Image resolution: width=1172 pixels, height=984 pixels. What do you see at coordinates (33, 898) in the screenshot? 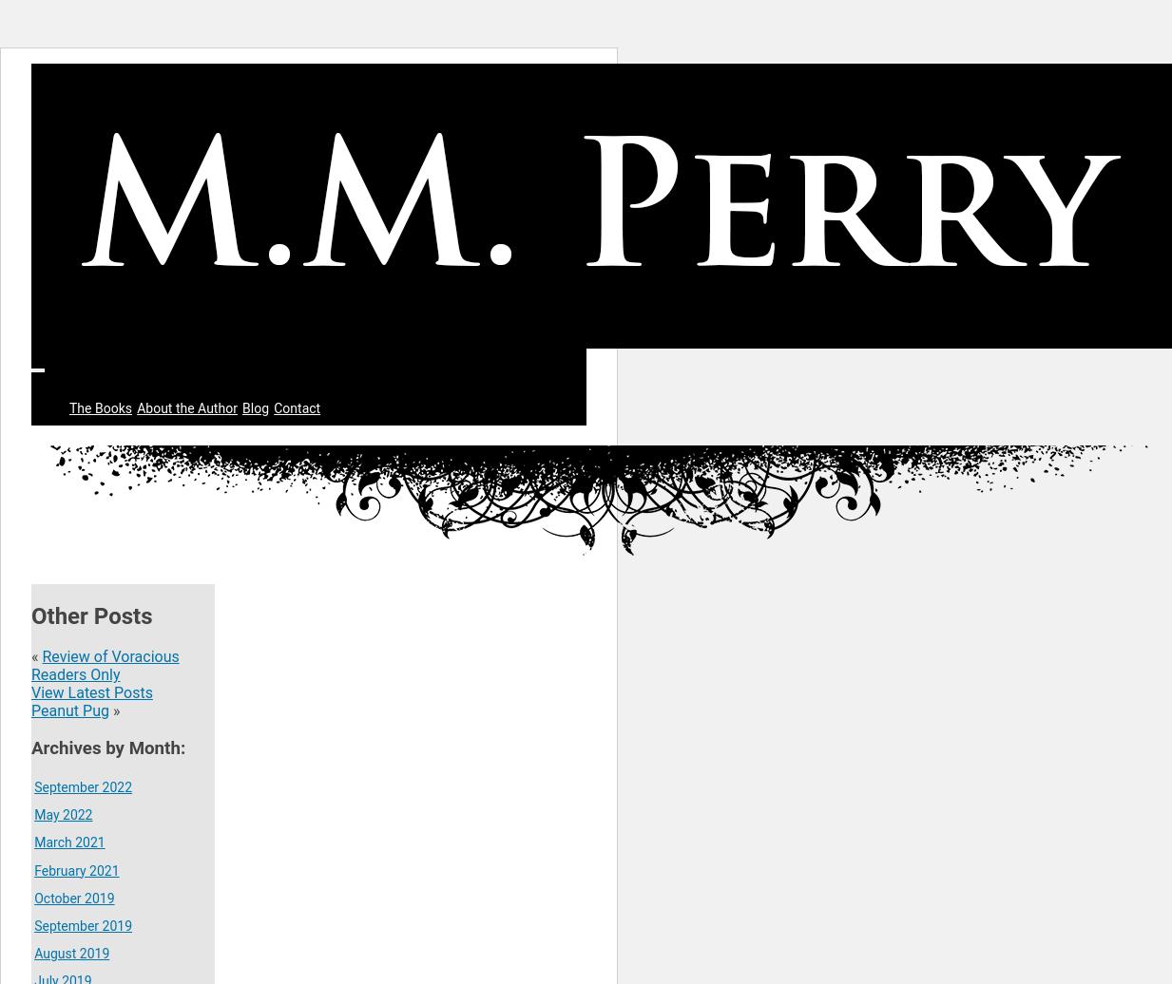
I see `'October 2019'` at bounding box center [33, 898].